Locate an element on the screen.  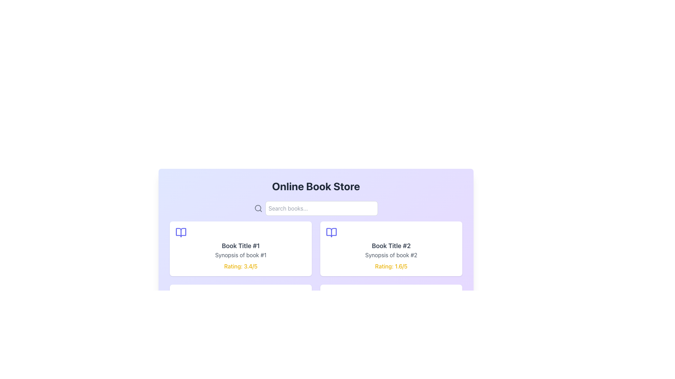
the static text label displaying the rating score for 'Book Title #1' located at the bottom of its card is located at coordinates (241, 266).